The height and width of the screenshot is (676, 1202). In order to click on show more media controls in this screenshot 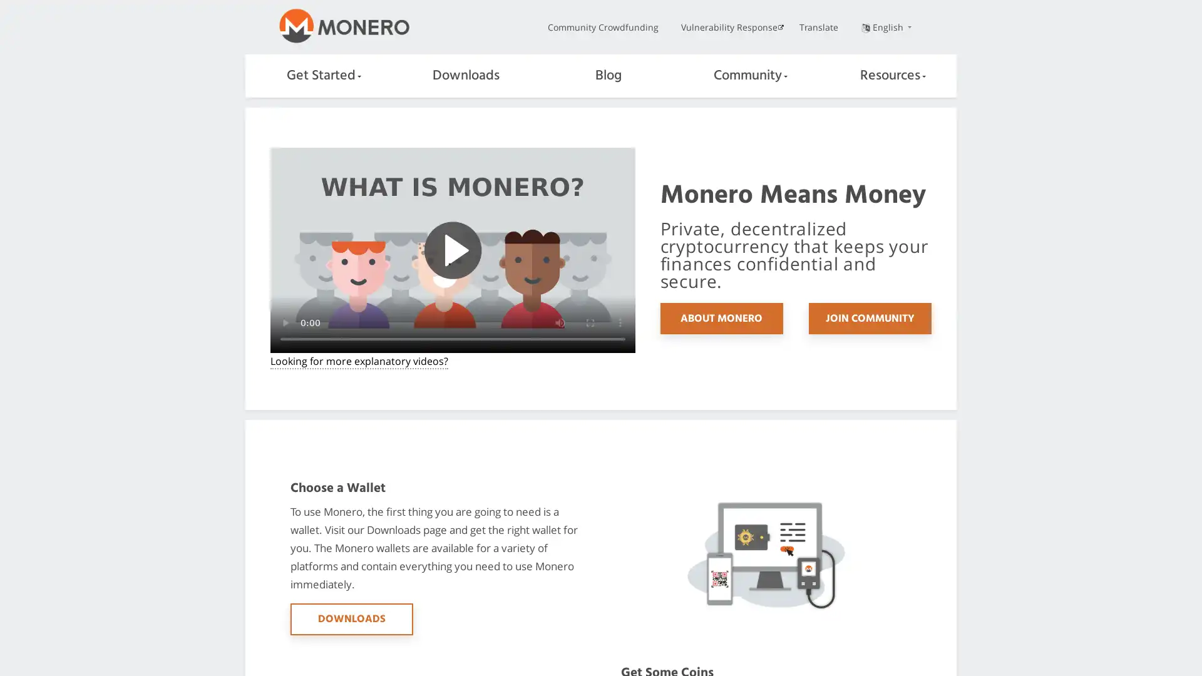, I will do `click(619, 322)`.